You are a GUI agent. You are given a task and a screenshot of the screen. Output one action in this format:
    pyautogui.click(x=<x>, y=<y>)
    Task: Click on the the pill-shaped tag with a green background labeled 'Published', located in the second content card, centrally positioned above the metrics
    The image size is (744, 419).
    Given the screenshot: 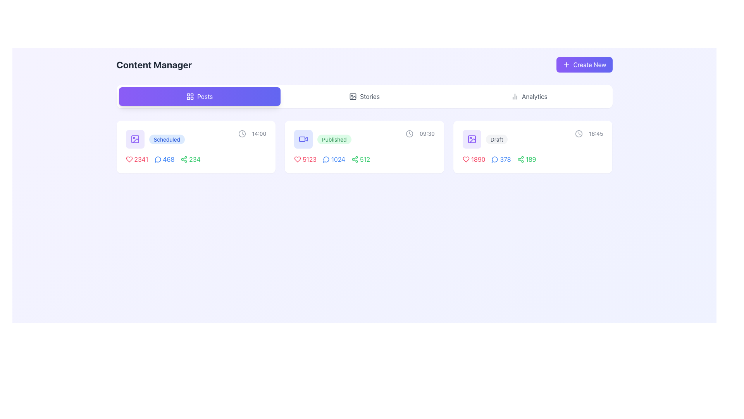 What is the action you would take?
    pyautogui.click(x=334, y=139)
    